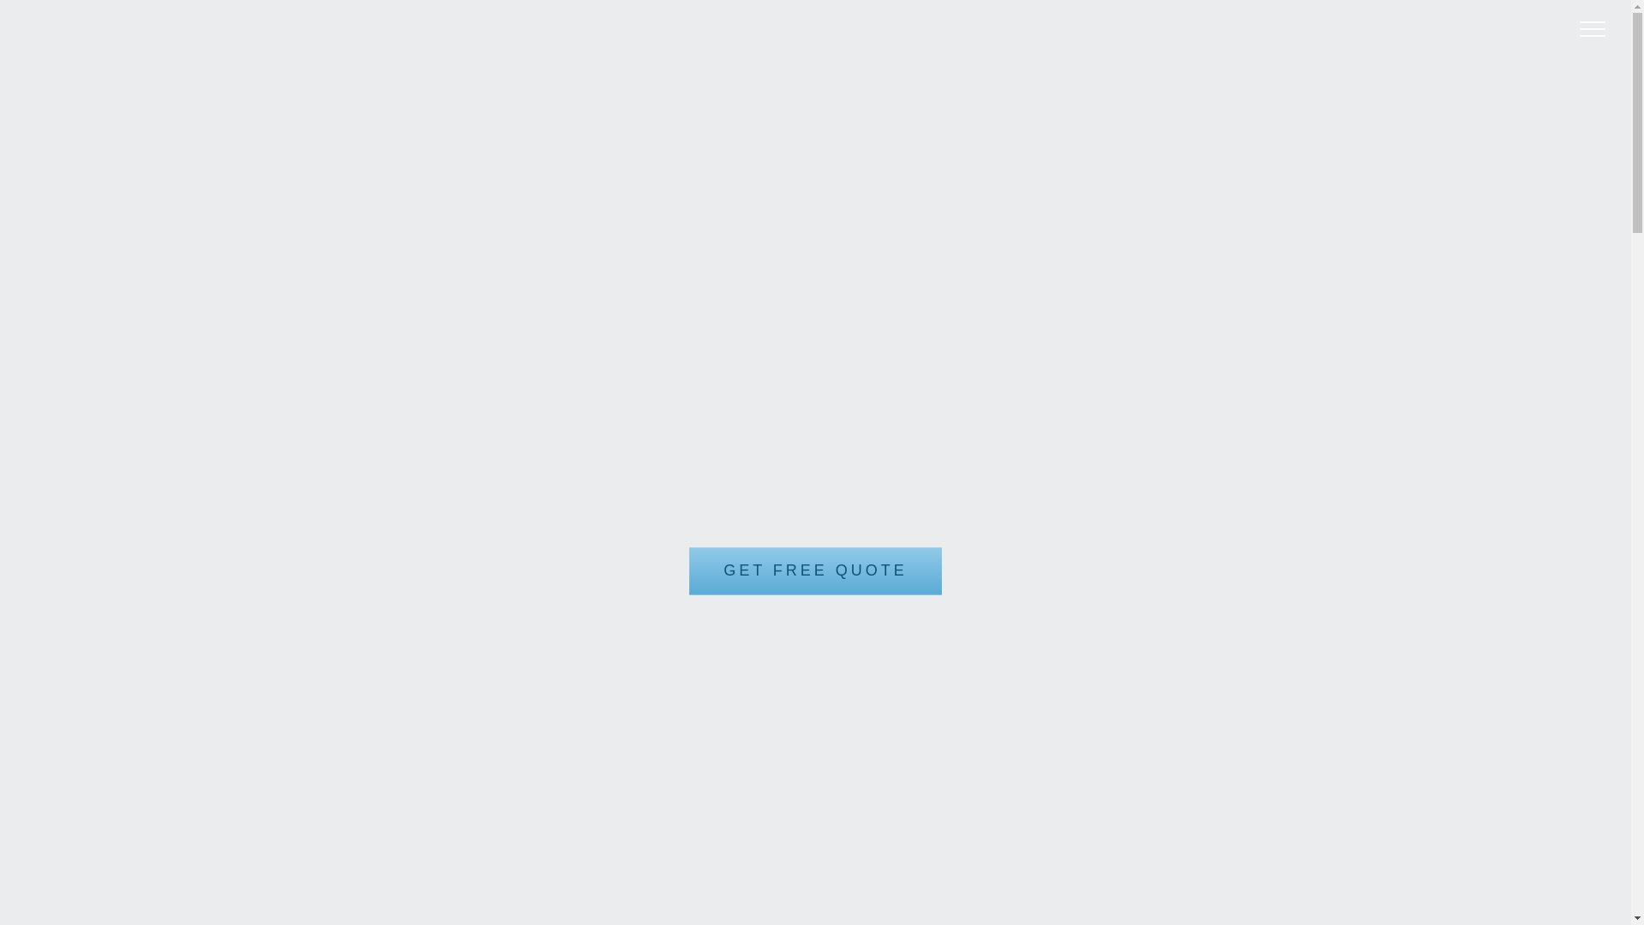 The image size is (1644, 925). I want to click on 'GET FREE QUOTE', so click(814, 571).